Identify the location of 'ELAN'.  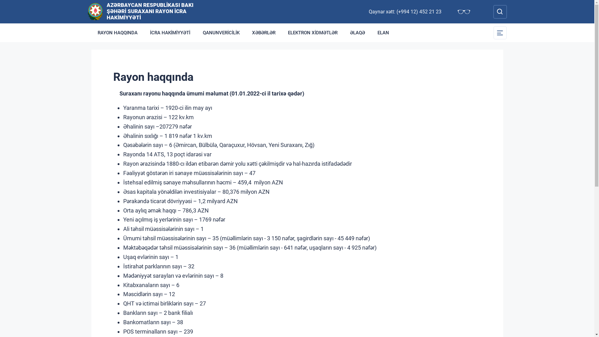
(383, 32).